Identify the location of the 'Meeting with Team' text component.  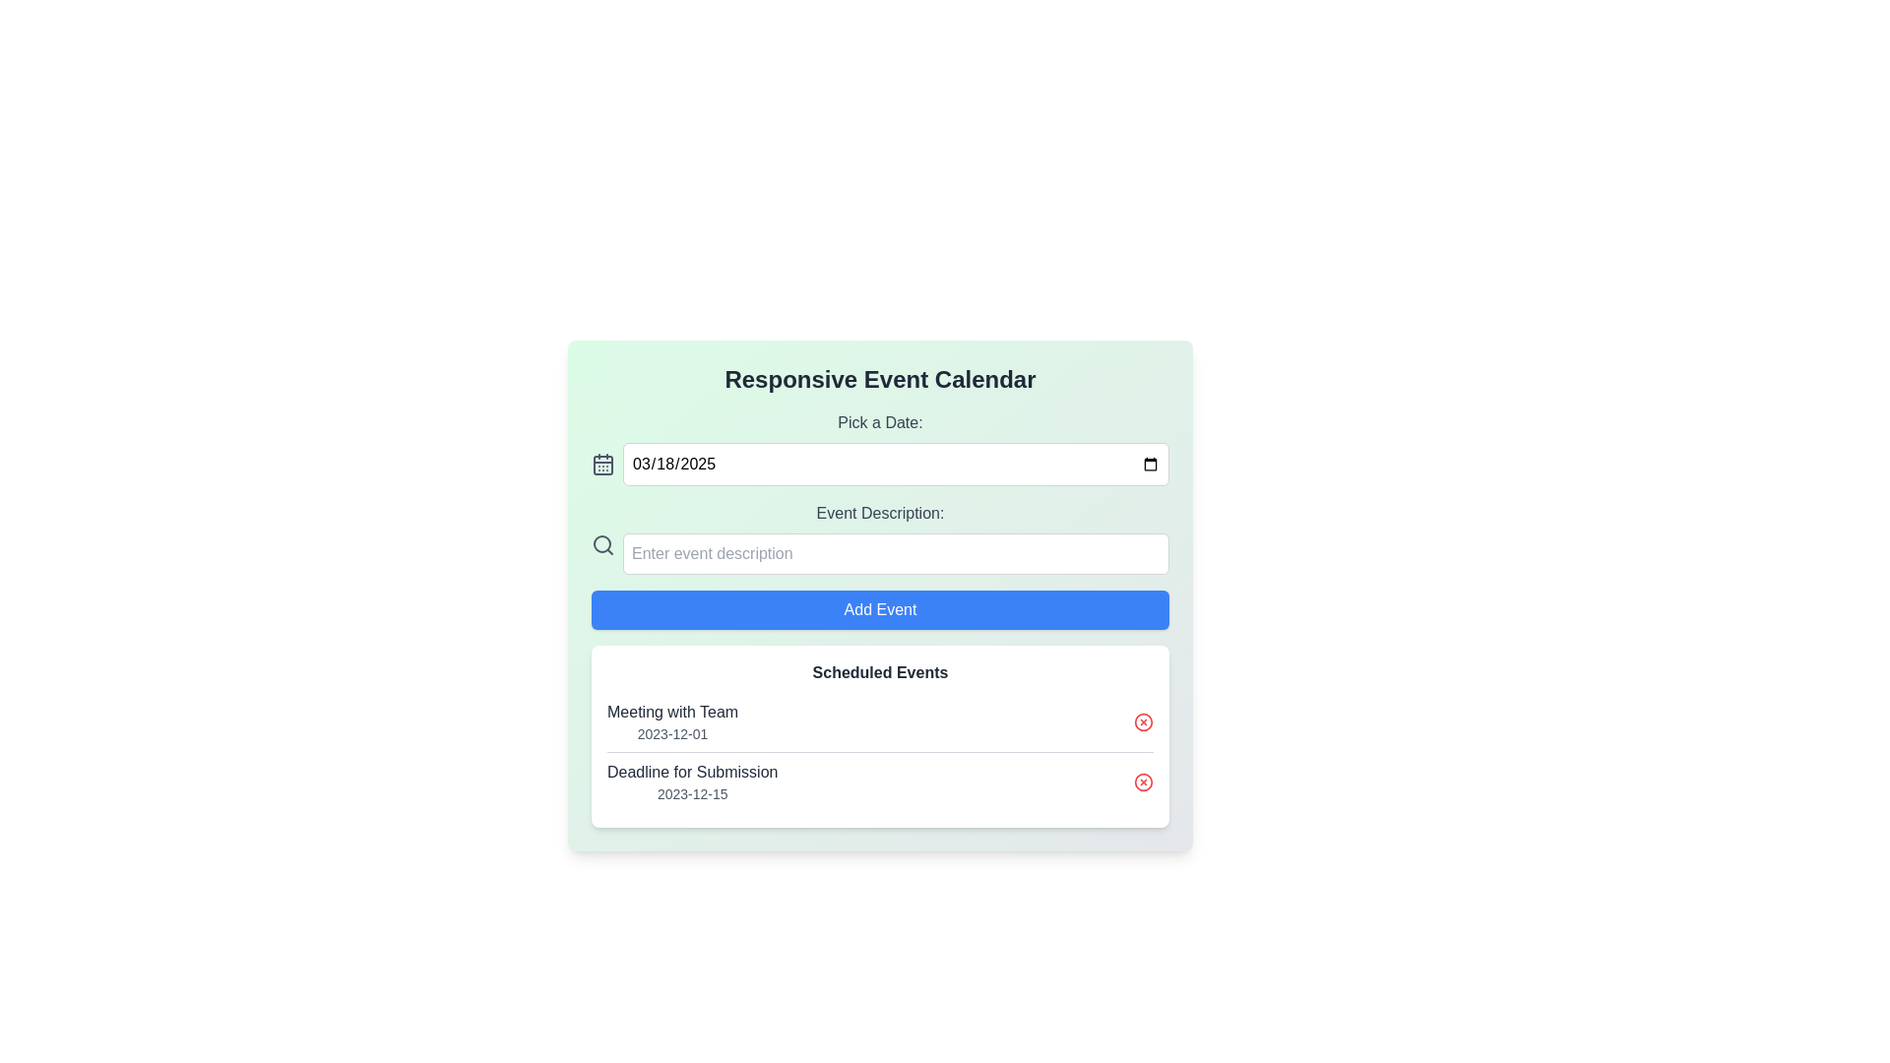
(672, 721).